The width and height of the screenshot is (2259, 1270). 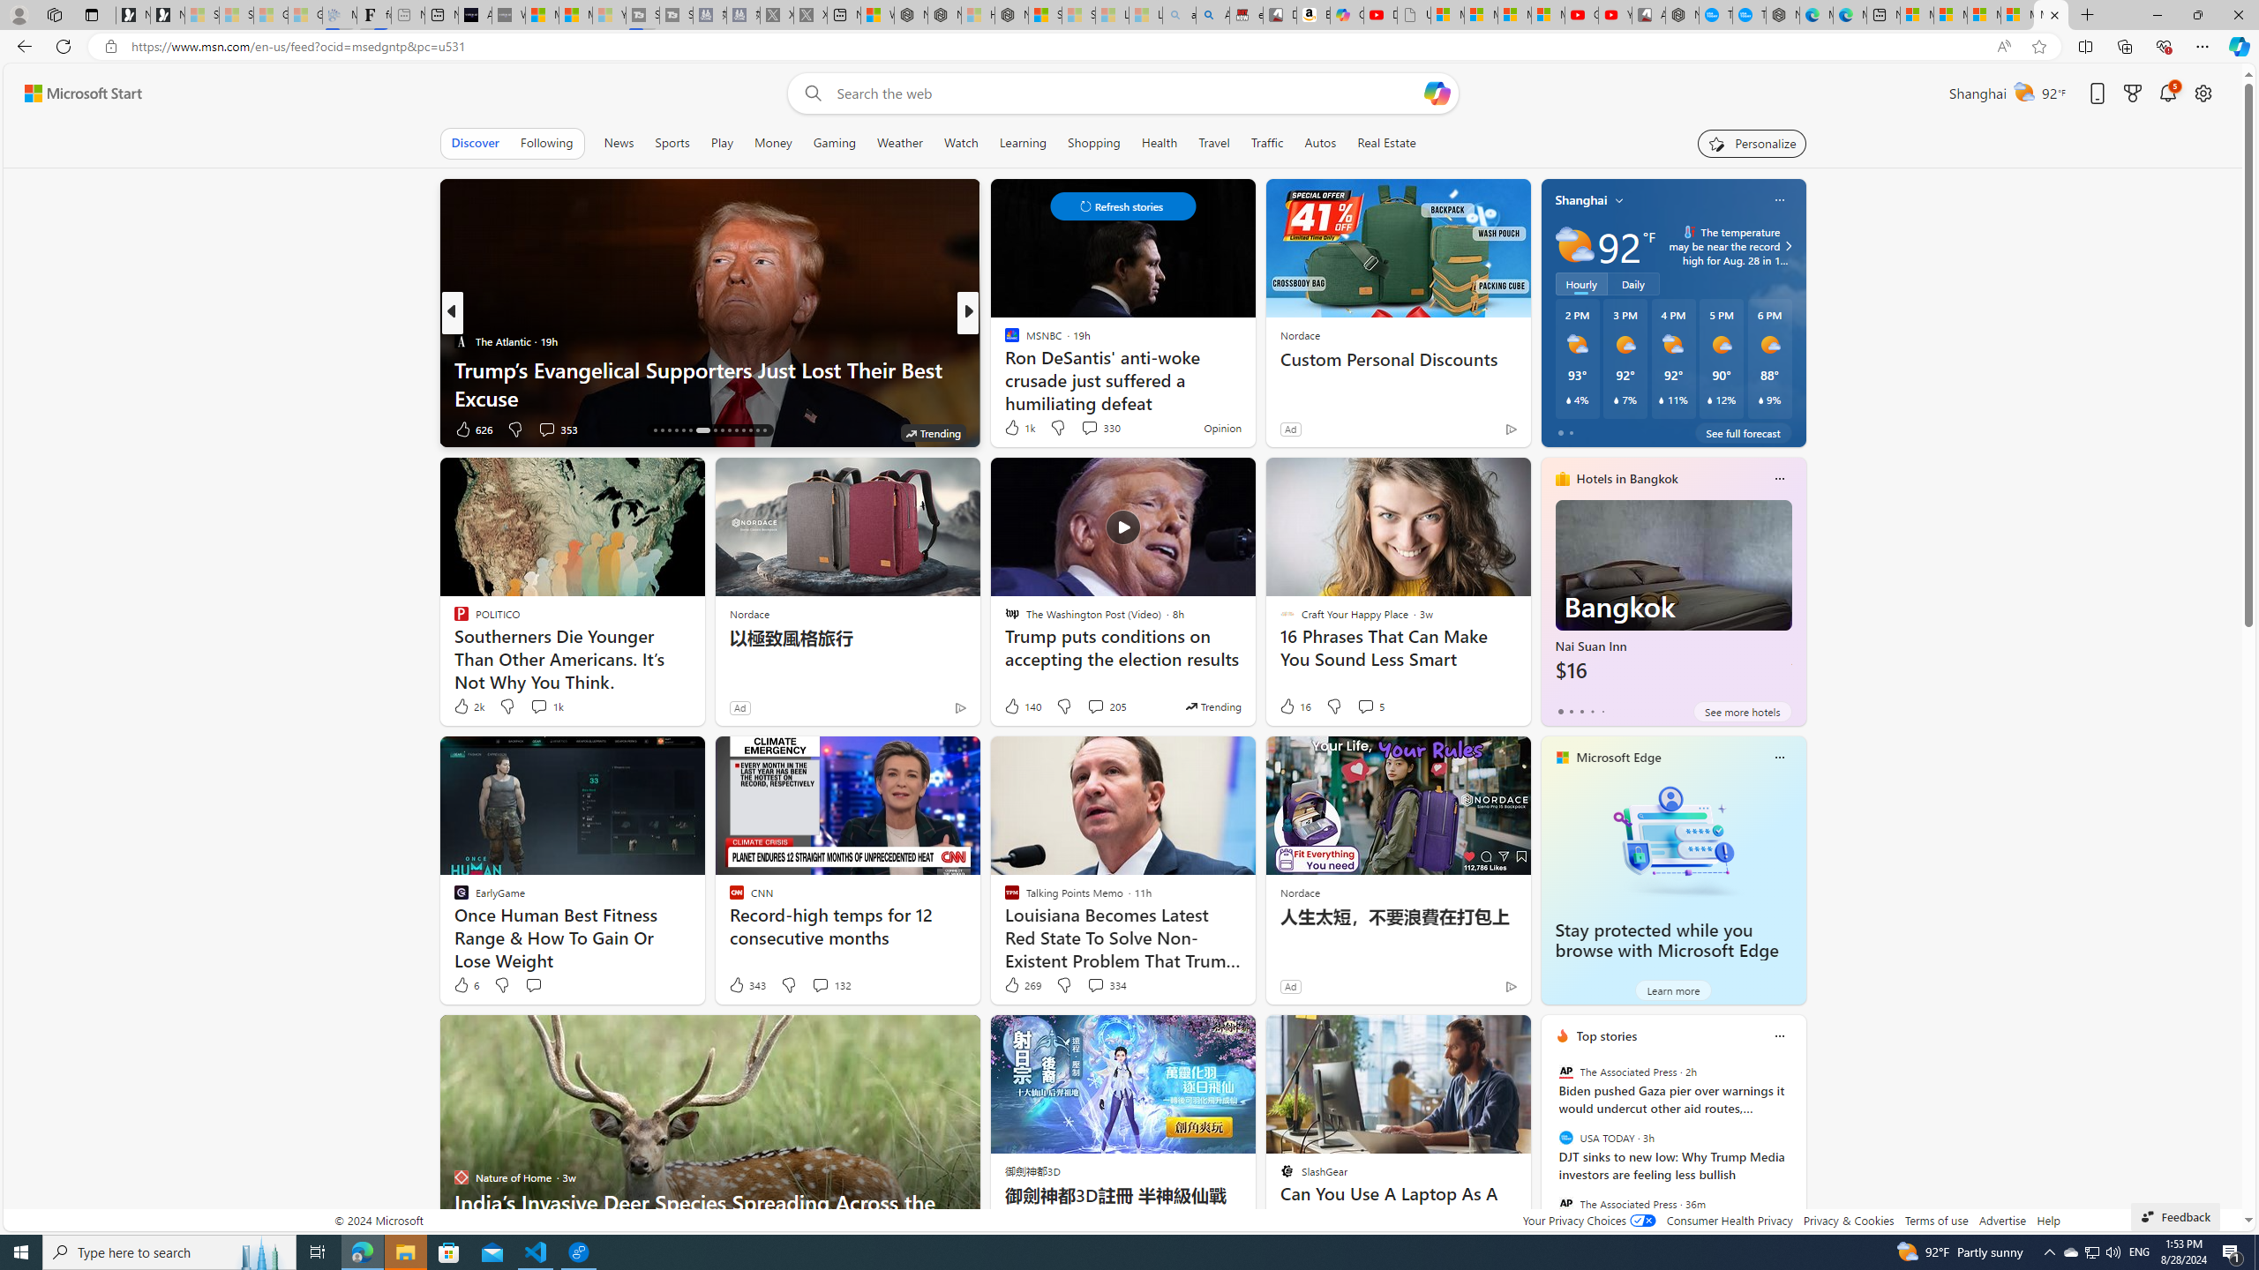 I want to click on 'View comments 2 Comment', so click(x=1090, y=429).